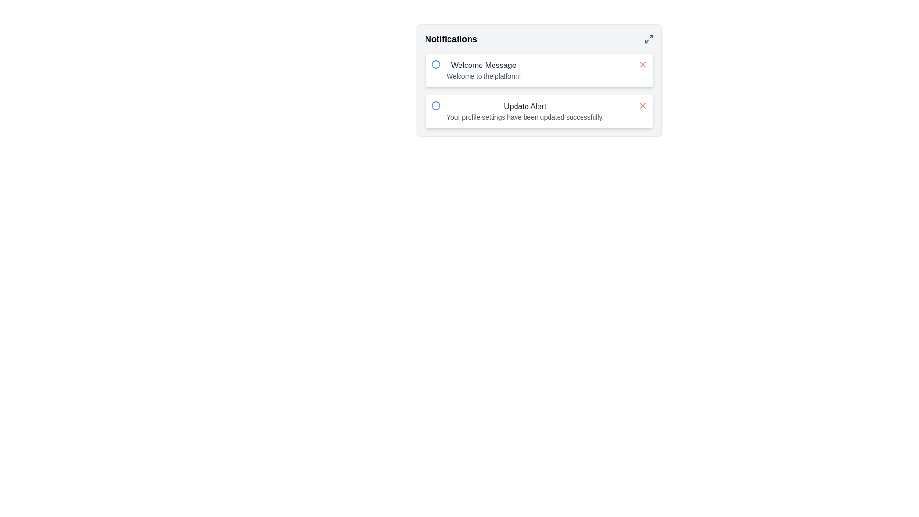  I want to click on informational notification text located to the right of the blue circular icon and left of the red 'x' button in the second row of the 'Notifications' list, so click(525, 111).